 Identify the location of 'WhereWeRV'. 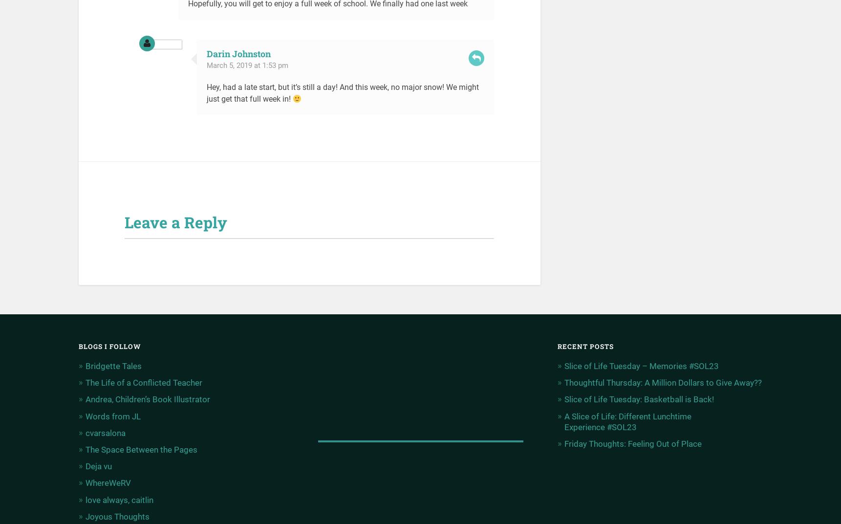
(108, 482).